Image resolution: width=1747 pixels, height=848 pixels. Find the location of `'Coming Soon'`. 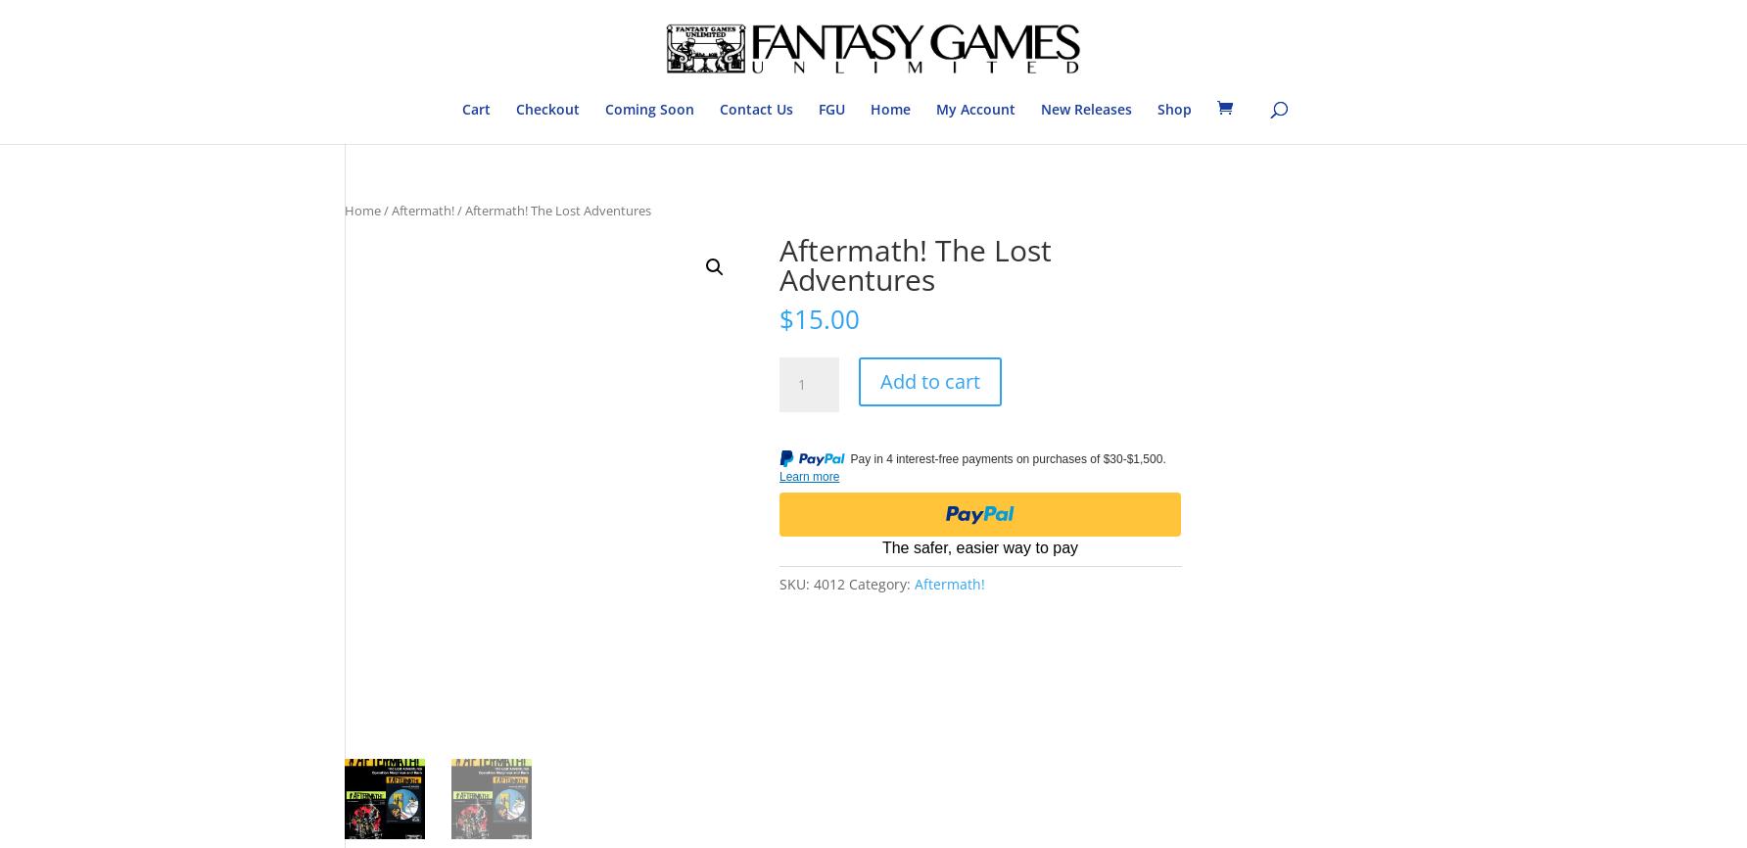

'Coming Soon' is located at coordinates (647, 109).